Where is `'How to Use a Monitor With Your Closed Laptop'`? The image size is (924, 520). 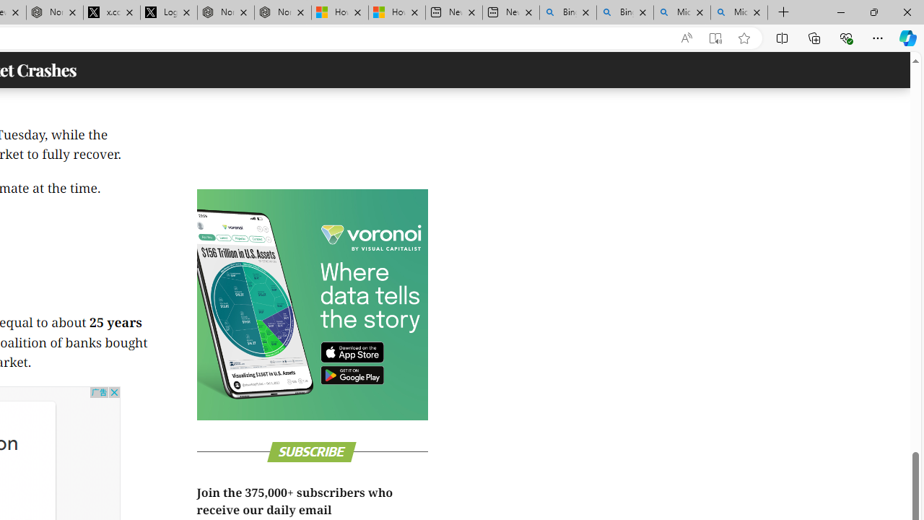 'How to Use a Monitor With Your Closed Laptop' is located at coordinates (396, 12).